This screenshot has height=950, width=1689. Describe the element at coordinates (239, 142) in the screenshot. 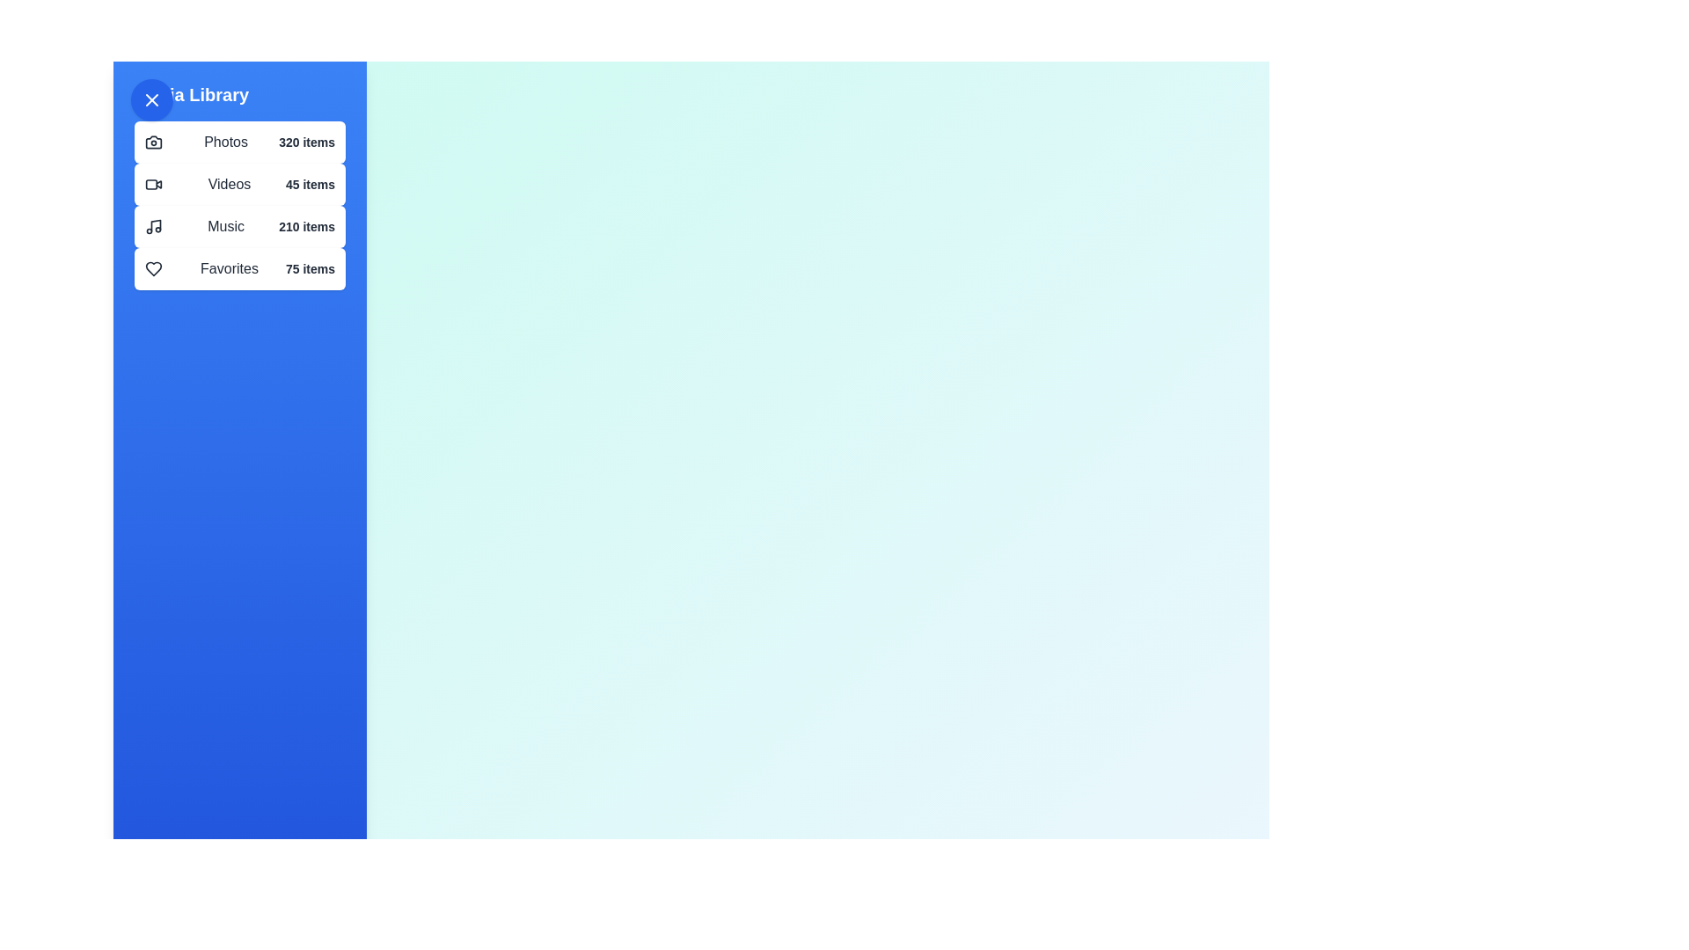

I see `the media category Photos from the drawer` at that location.